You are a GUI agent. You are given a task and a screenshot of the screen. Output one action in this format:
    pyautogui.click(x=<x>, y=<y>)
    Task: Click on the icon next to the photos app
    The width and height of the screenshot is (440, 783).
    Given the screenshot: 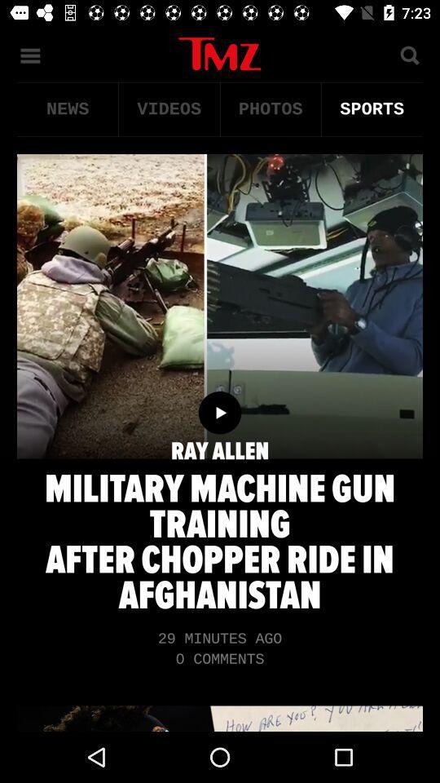 What is the action you would take?
    pyautogui.click(x=168, y=108)
    